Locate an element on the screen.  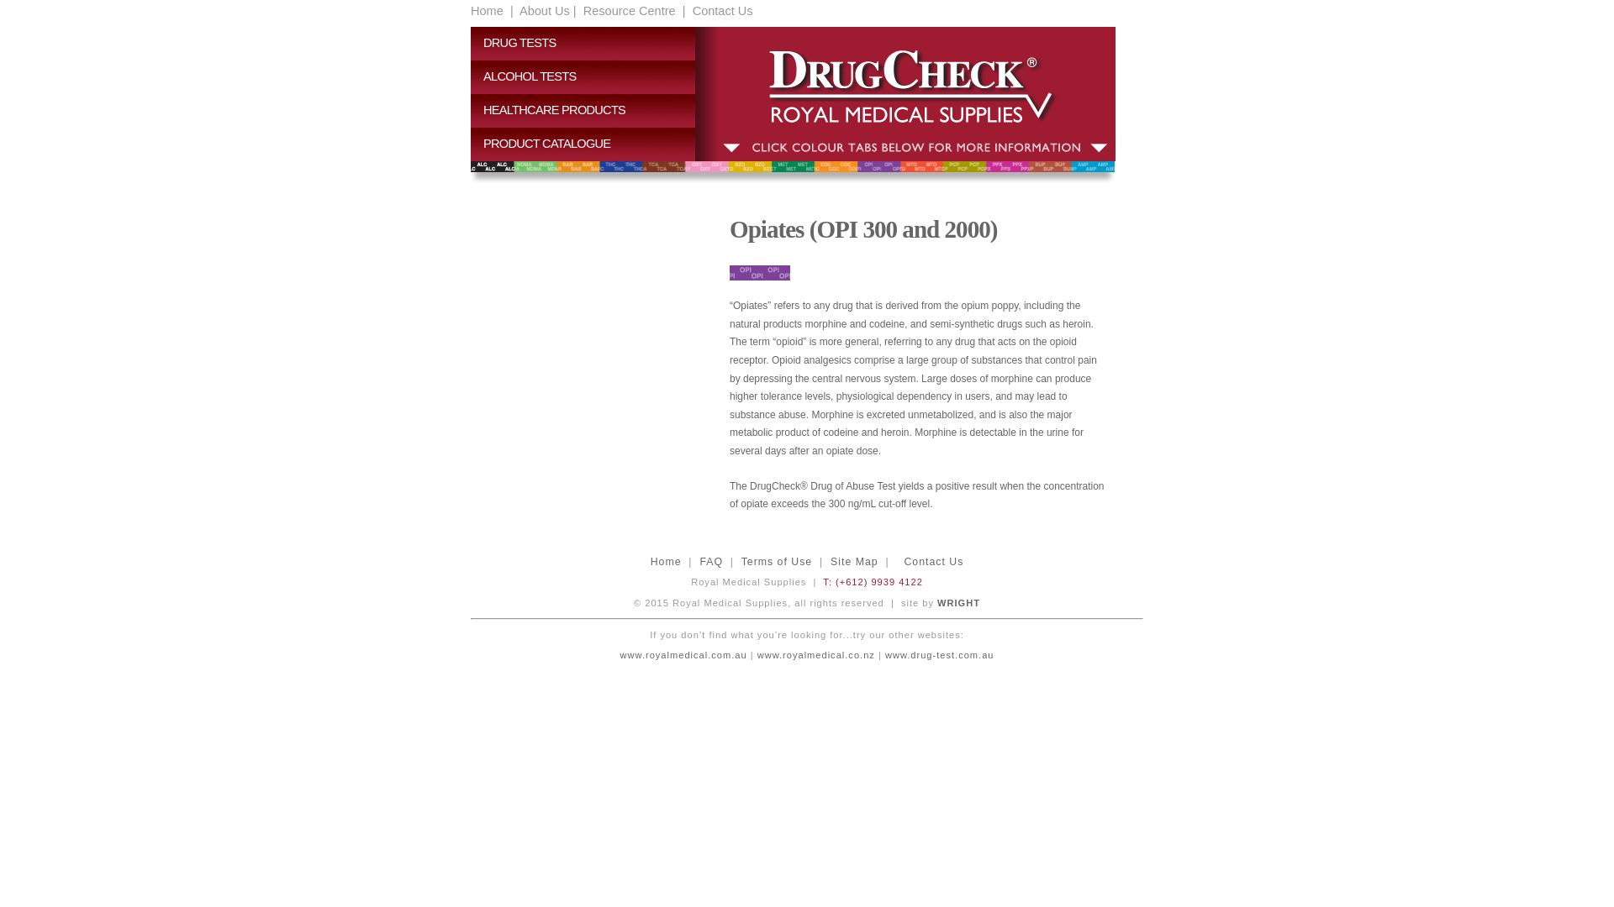
'Home' is located at coordinates (665, 561).